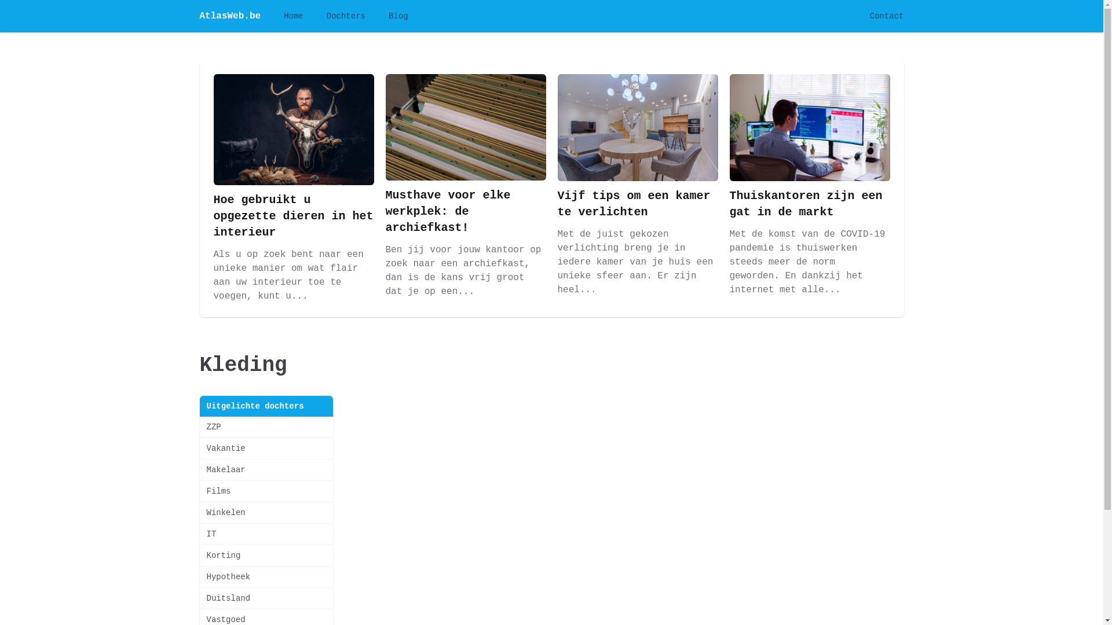  What do you see at coordinates (199, 512) in the screenshot?
I see `'Winkelen'` at bounding box center [199, 512].